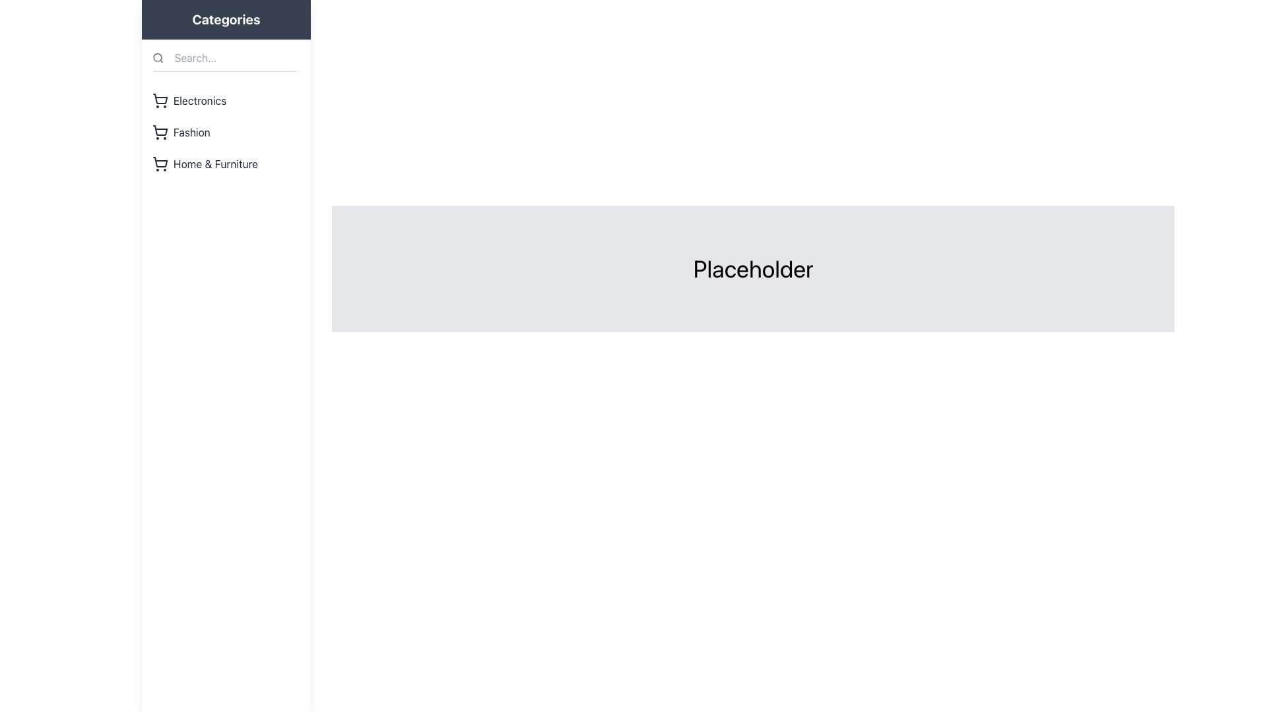 The height and width of the screenshot is (712, 1267). Describe the element at coordinates (160, 163) in the screenshot. I see `the shopping cart icon located in the sidebar menu under the 'Categories' section, adjacent to the 'Home & Furniture' text` at that location.